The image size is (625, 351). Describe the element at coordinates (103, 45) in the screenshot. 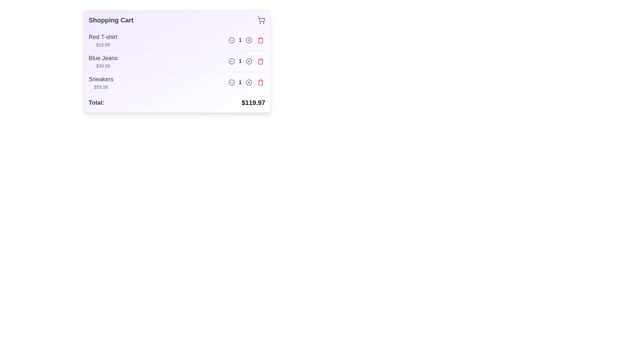

I see `text displaying the price '$19.99' located beneath the 'Red T-shirt' in the shopping cart interface` at that location.